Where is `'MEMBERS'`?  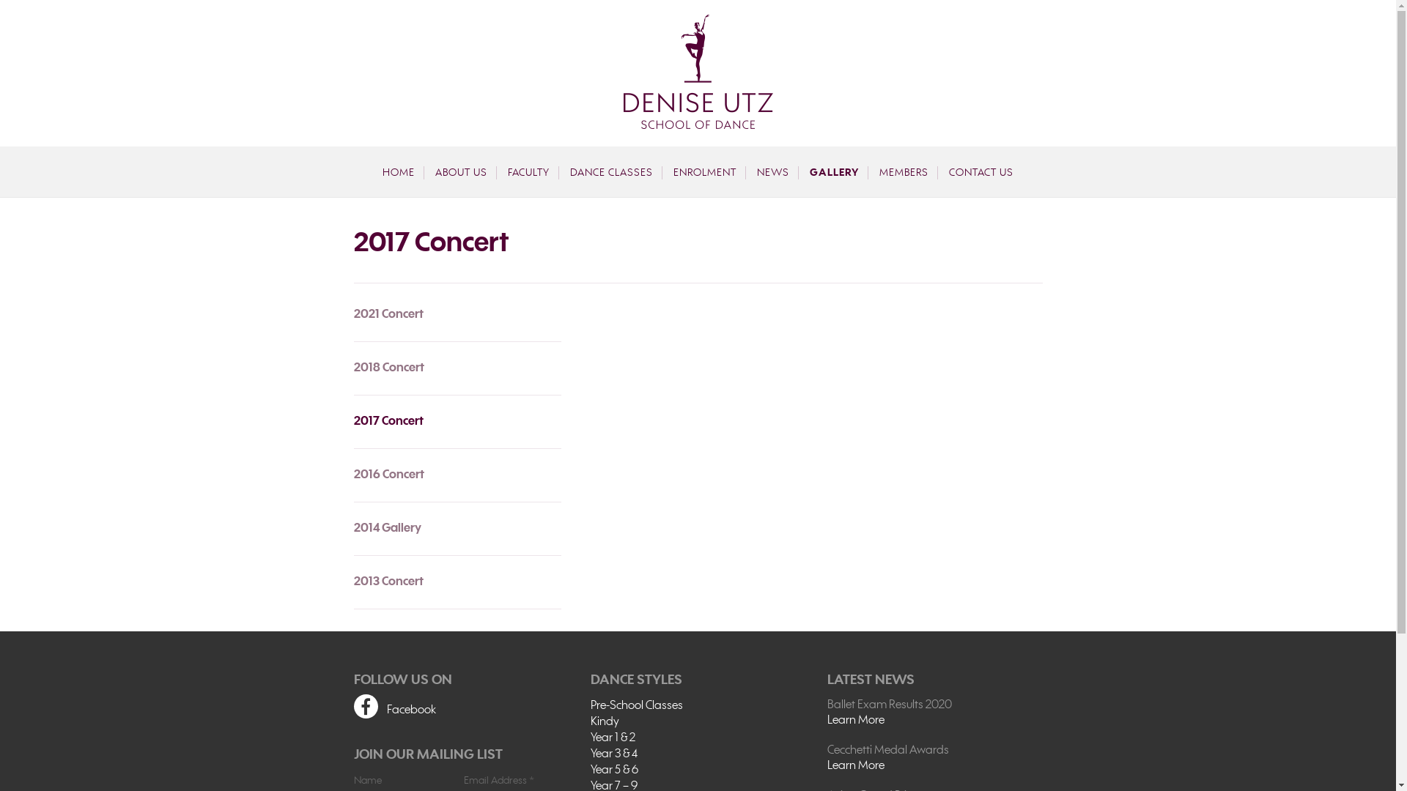 'MEMBERS' is located at coordinates (903, 171).